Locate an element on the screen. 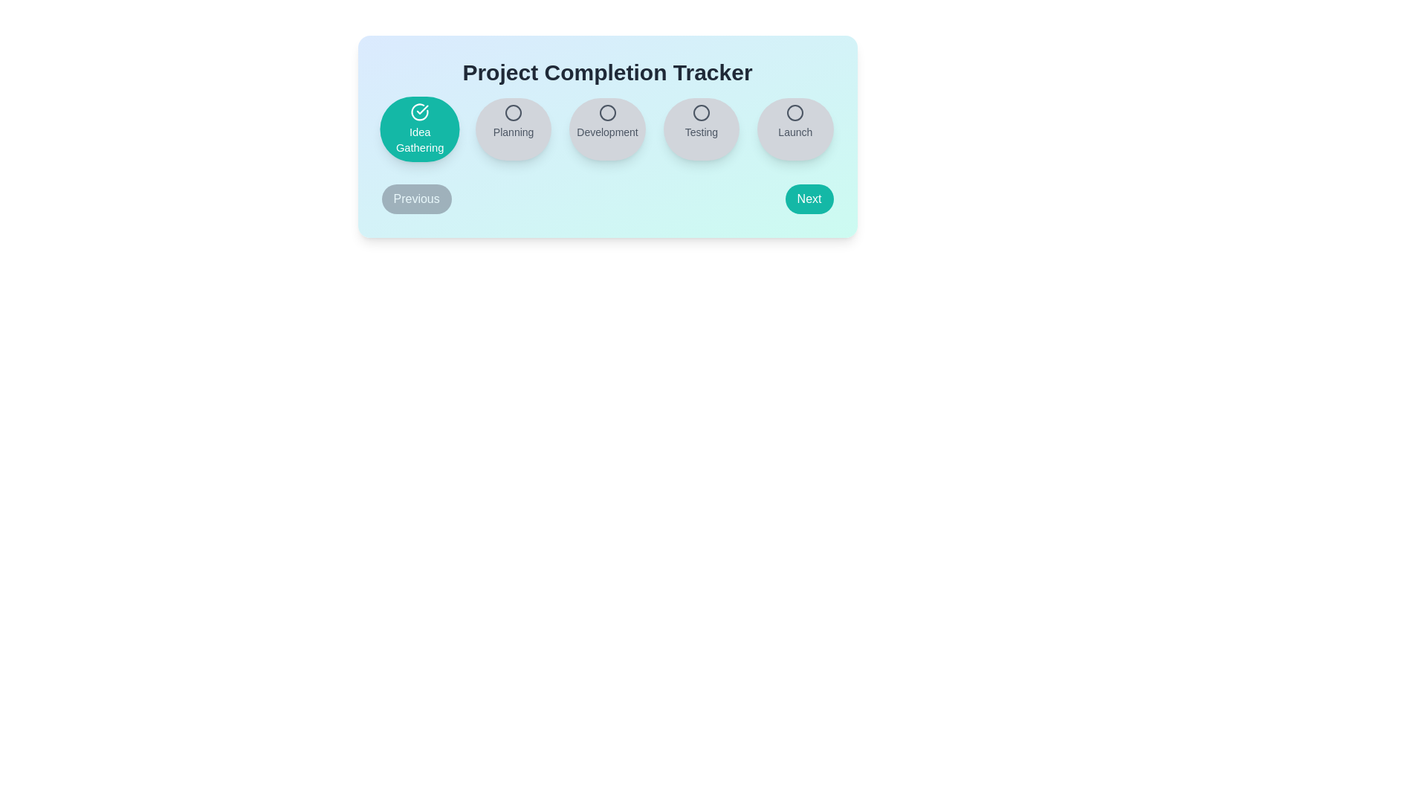 The height and width of the screenshot is (803, 1427). the centered heading text element that reads 'Project Completion Tracker', which is styled with a large, bold serif font in dark gray and located at the top of the panel is located at coordinates (607, 72).